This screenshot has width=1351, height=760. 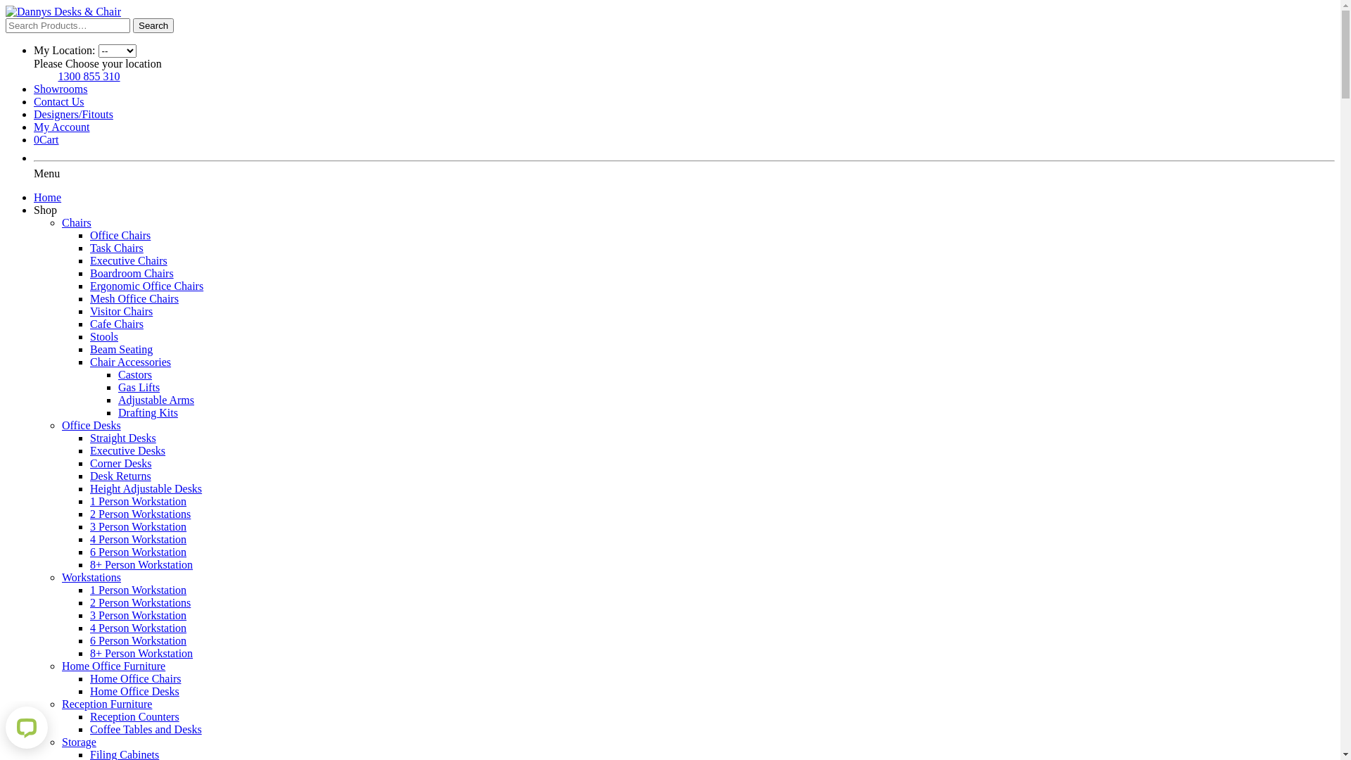 I want to click on 'Search for:', so click(x=67, y=25).